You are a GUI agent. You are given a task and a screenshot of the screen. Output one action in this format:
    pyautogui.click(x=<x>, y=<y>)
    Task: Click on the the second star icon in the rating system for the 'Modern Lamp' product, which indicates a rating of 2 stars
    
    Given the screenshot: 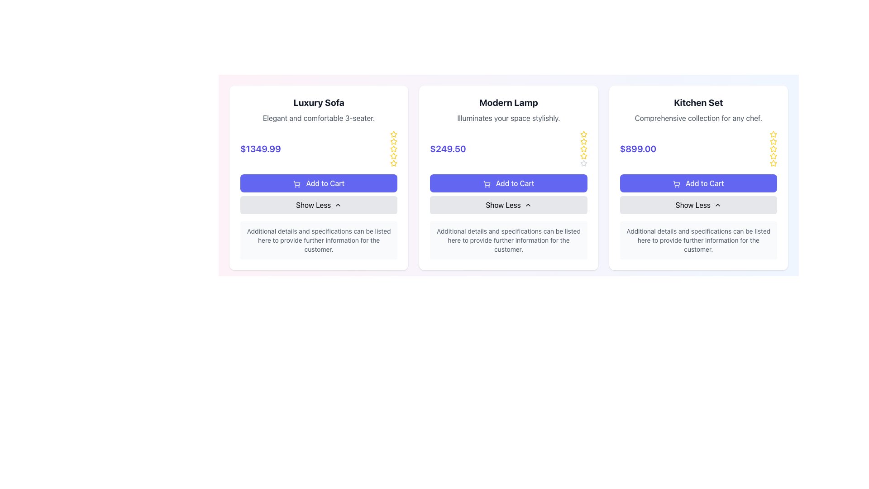 What is the action you would take?
    pyautogui.click(x=583, y=155)
    